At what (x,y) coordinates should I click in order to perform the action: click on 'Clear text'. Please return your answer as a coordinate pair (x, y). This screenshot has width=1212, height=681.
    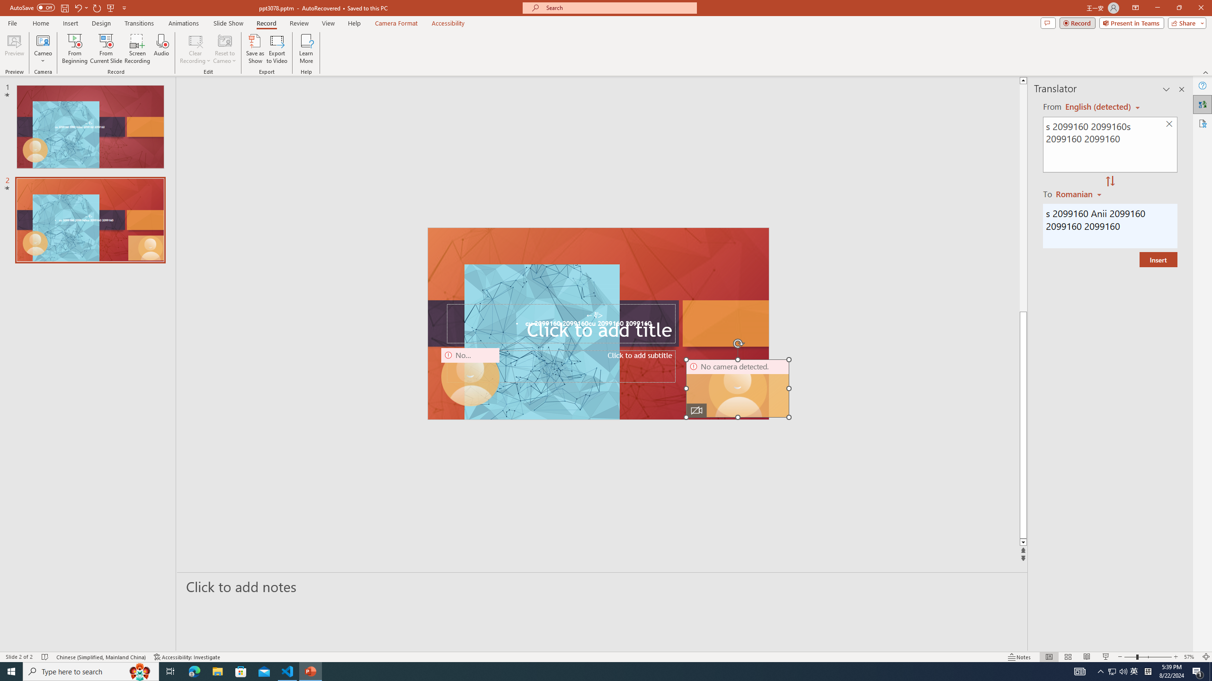
    Looking at the image, I should click on (1169, 124).